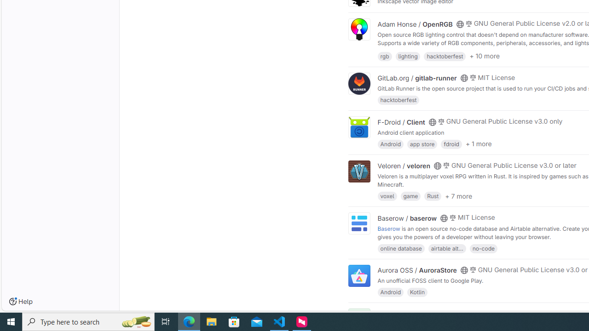 The height and width of the screenshot is (331, 589). Describe the element at coordinates (390, 292) in the screenshot. I see `'Android'` at that location.